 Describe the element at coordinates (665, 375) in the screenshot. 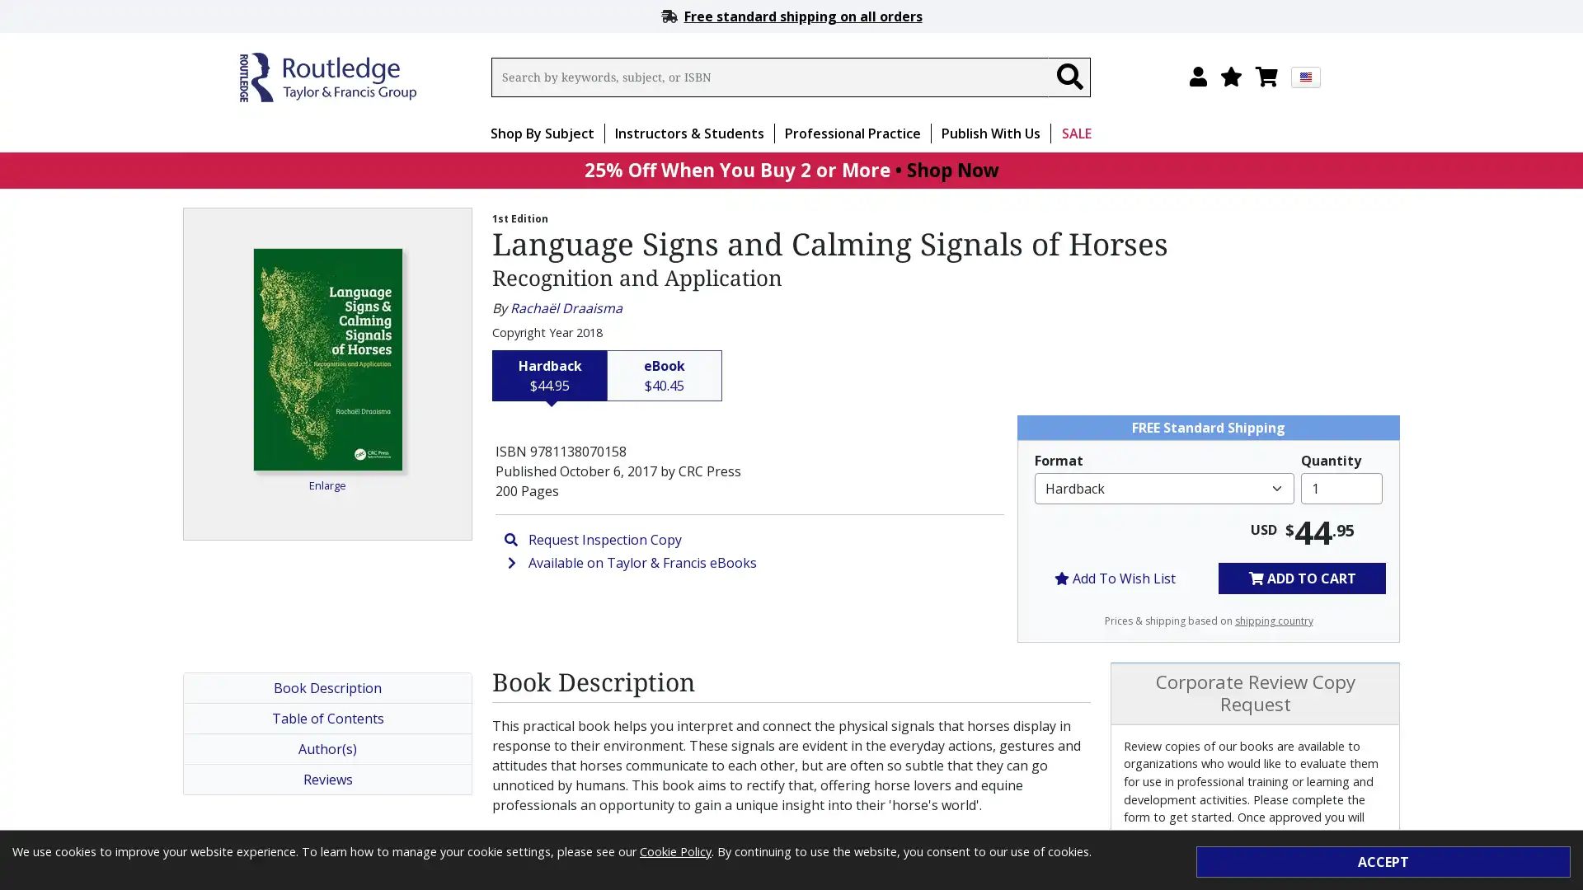

I see `eBook $40.45` at that location.